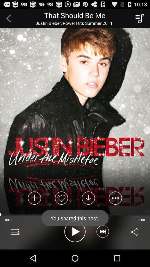  I want to click on the playlist icon, so click(139, 19).